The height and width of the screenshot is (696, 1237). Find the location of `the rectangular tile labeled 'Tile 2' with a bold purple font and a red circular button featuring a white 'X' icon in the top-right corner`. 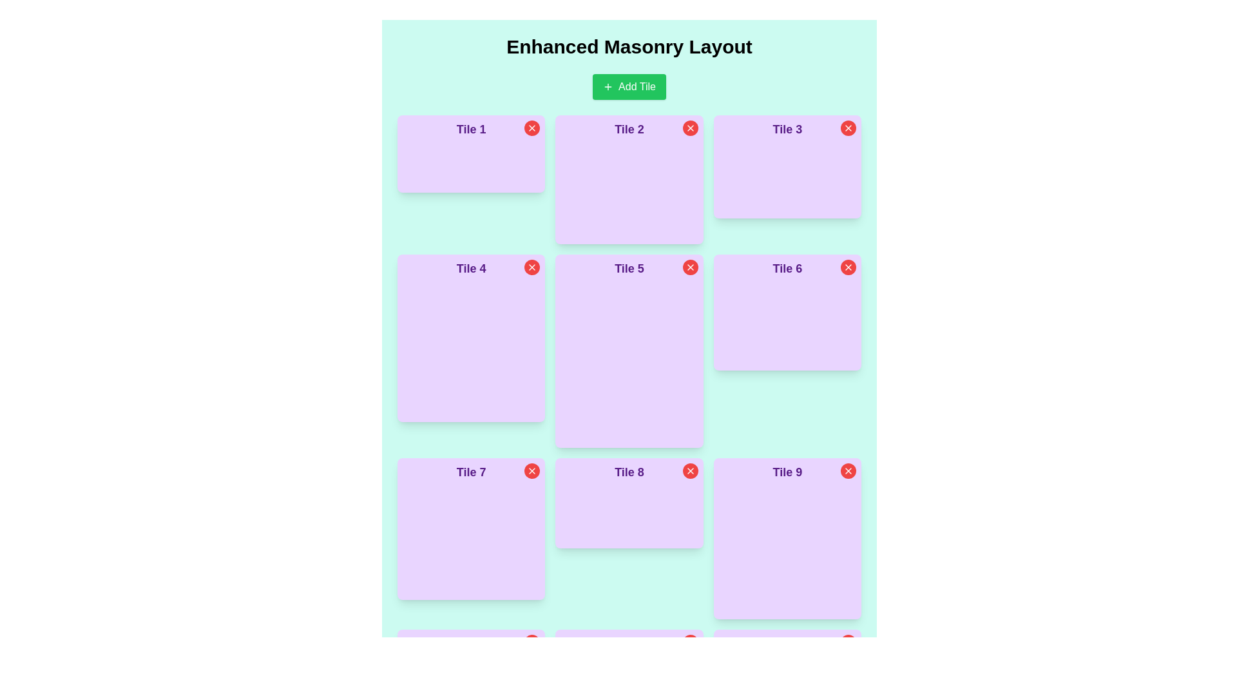

the rectangular tile labeled 'Tile 2' with a bold purple font and a red circular button featuring a white 'X' icon in the top-right corner is located at coordinates (629, 179).